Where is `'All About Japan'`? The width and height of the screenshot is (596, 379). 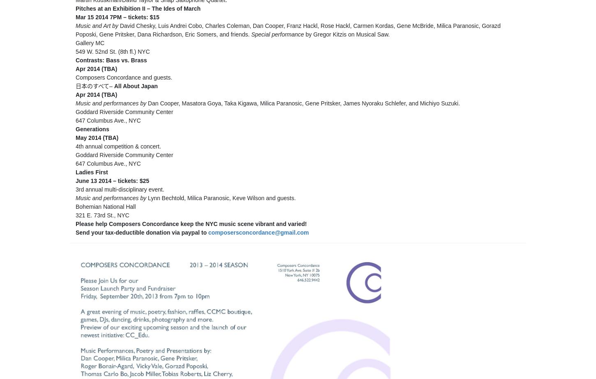 'All About Japan' is located at coordinates (136, 86).